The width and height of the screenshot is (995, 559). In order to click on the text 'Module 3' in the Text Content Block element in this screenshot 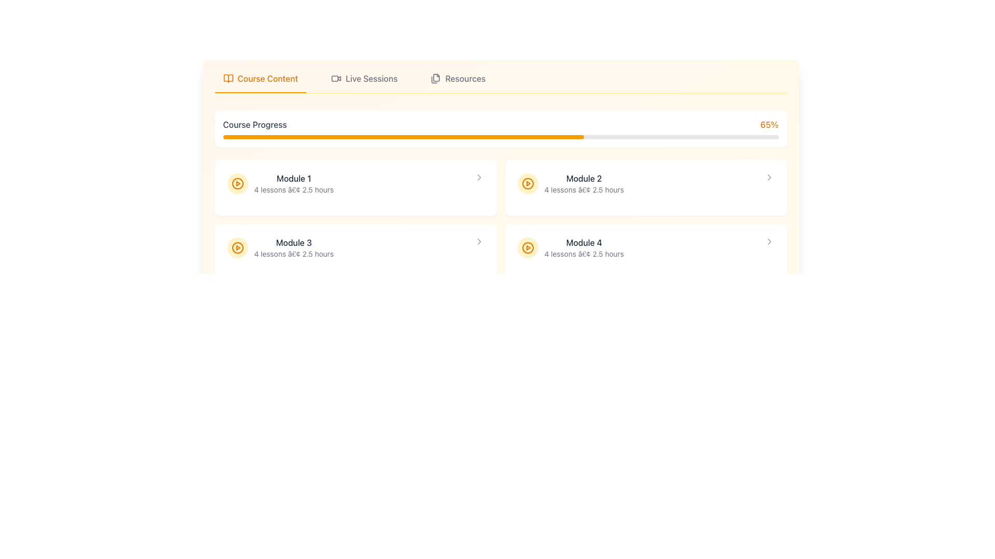, I will do `click(293, 247)`.